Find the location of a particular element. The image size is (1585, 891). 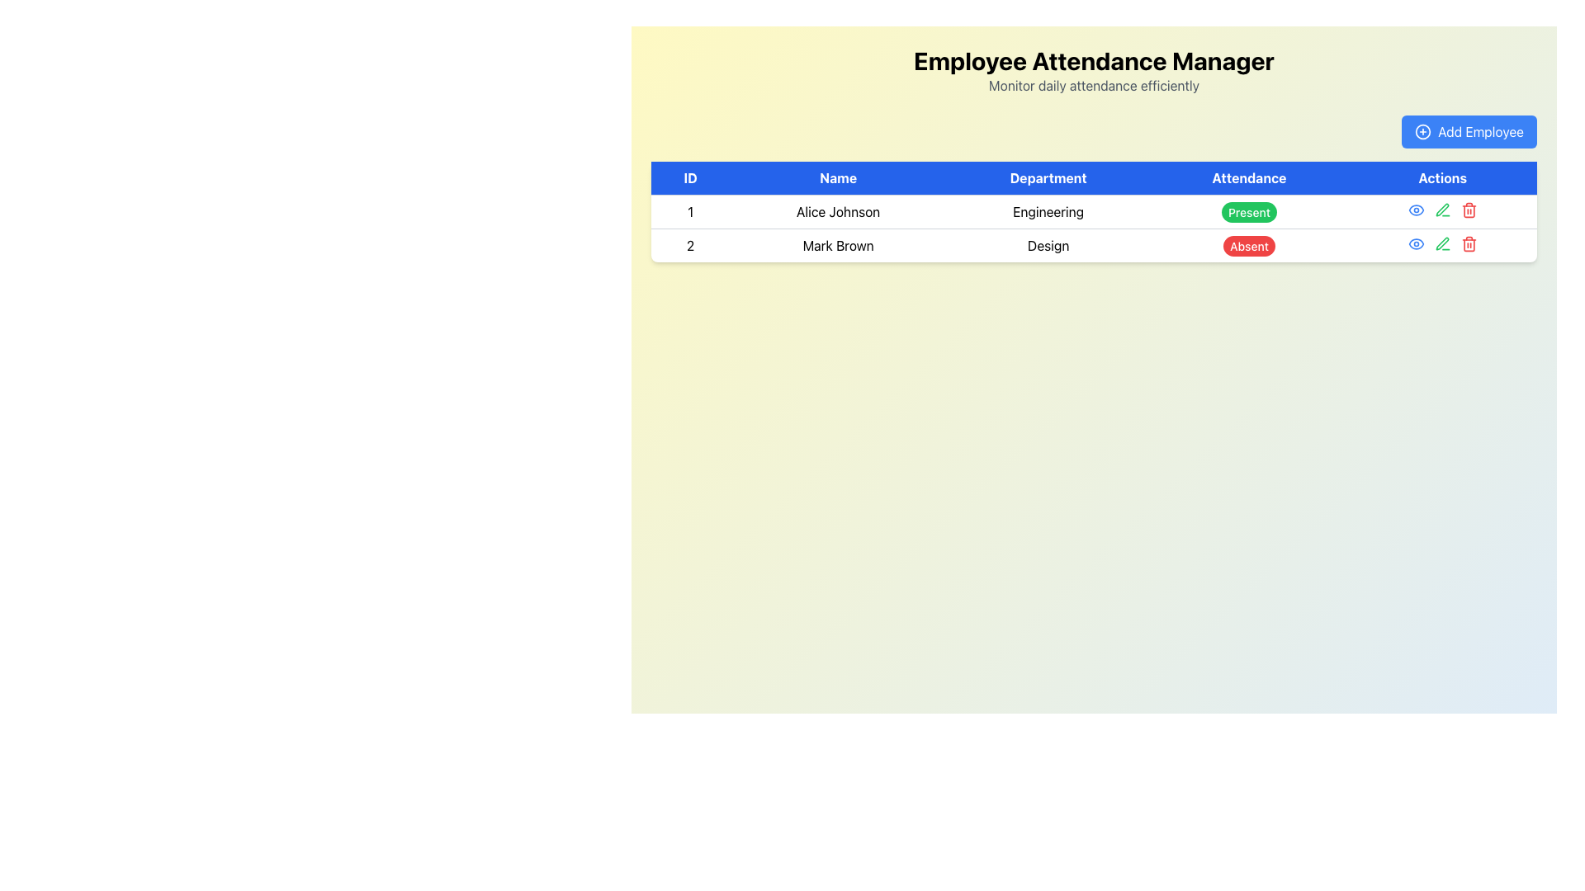

the delete button (trash icon) located in the 'Actions' column of the second row in the table is located at coordinates (1469, 244).